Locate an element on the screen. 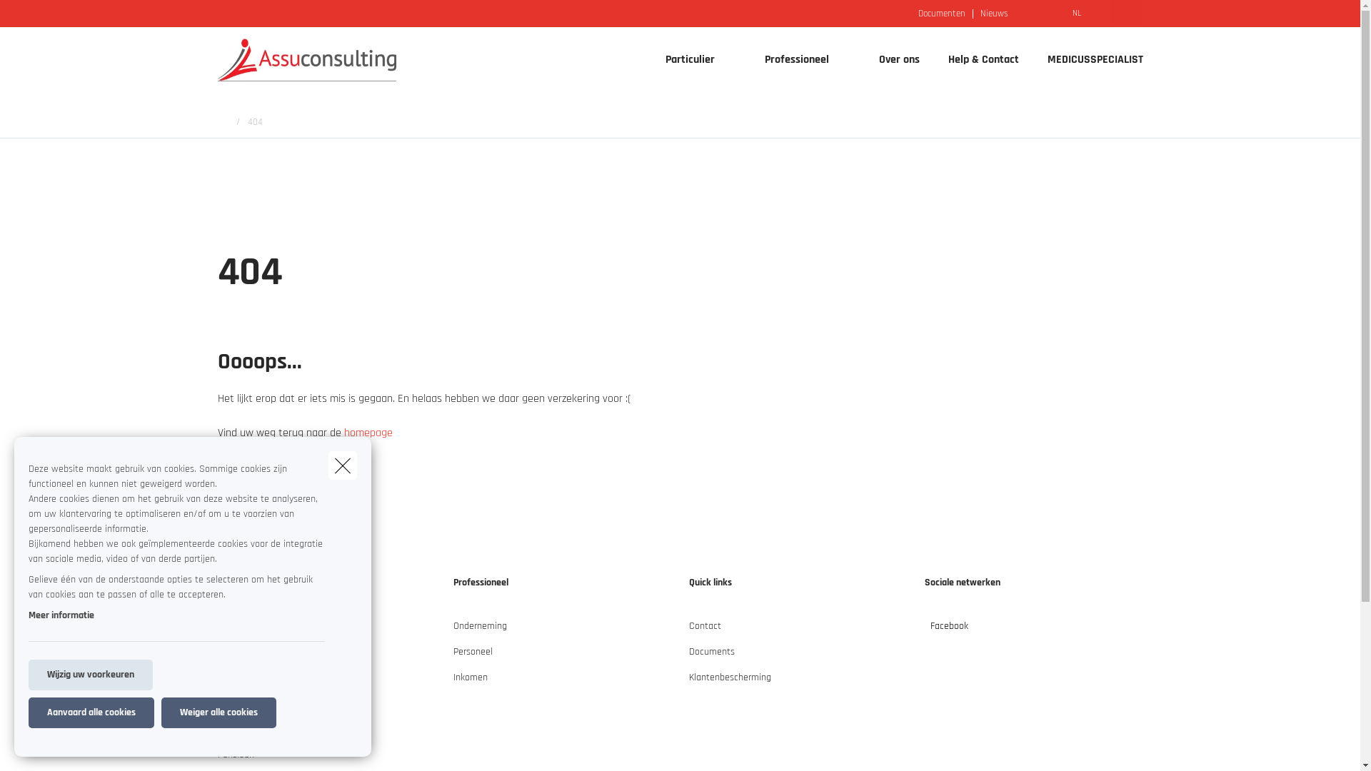 The height and width of the screenshot is (771, 1371). 'Particulier' is located at coordinates (684, 59).